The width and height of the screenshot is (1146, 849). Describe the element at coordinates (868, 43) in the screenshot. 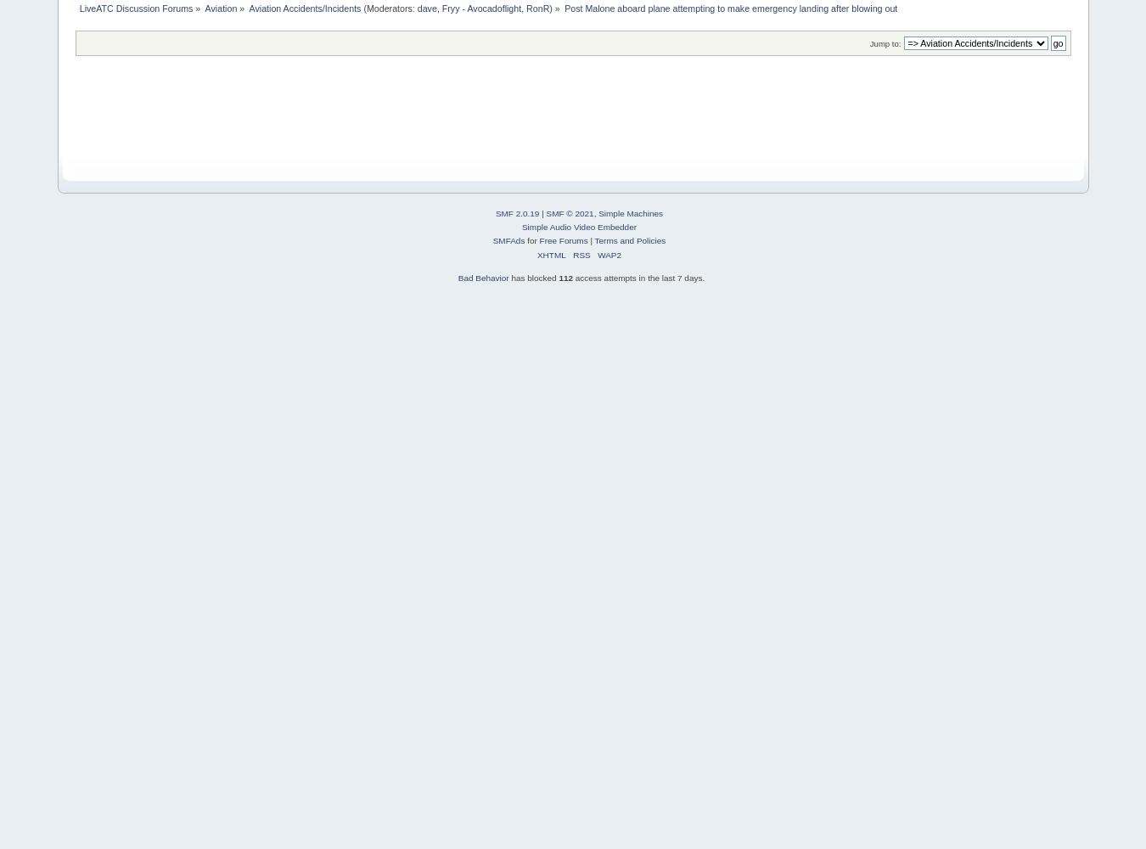

I see `'Jump to:'` at that location.